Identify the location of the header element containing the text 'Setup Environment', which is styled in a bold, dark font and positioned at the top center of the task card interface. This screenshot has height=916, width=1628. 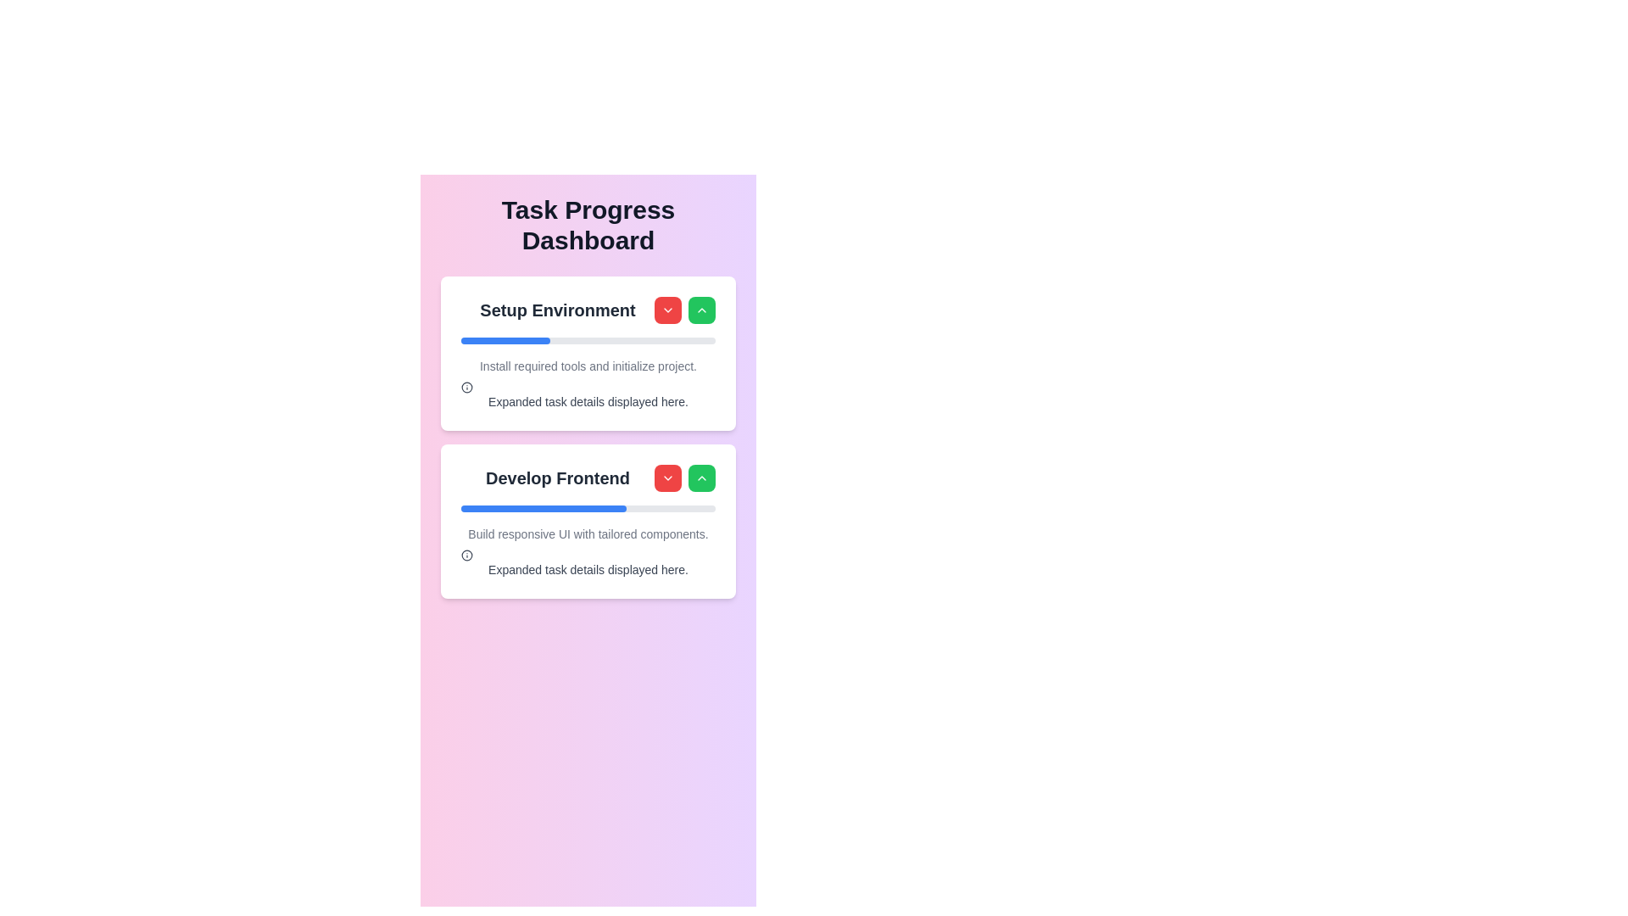
(588, 310).